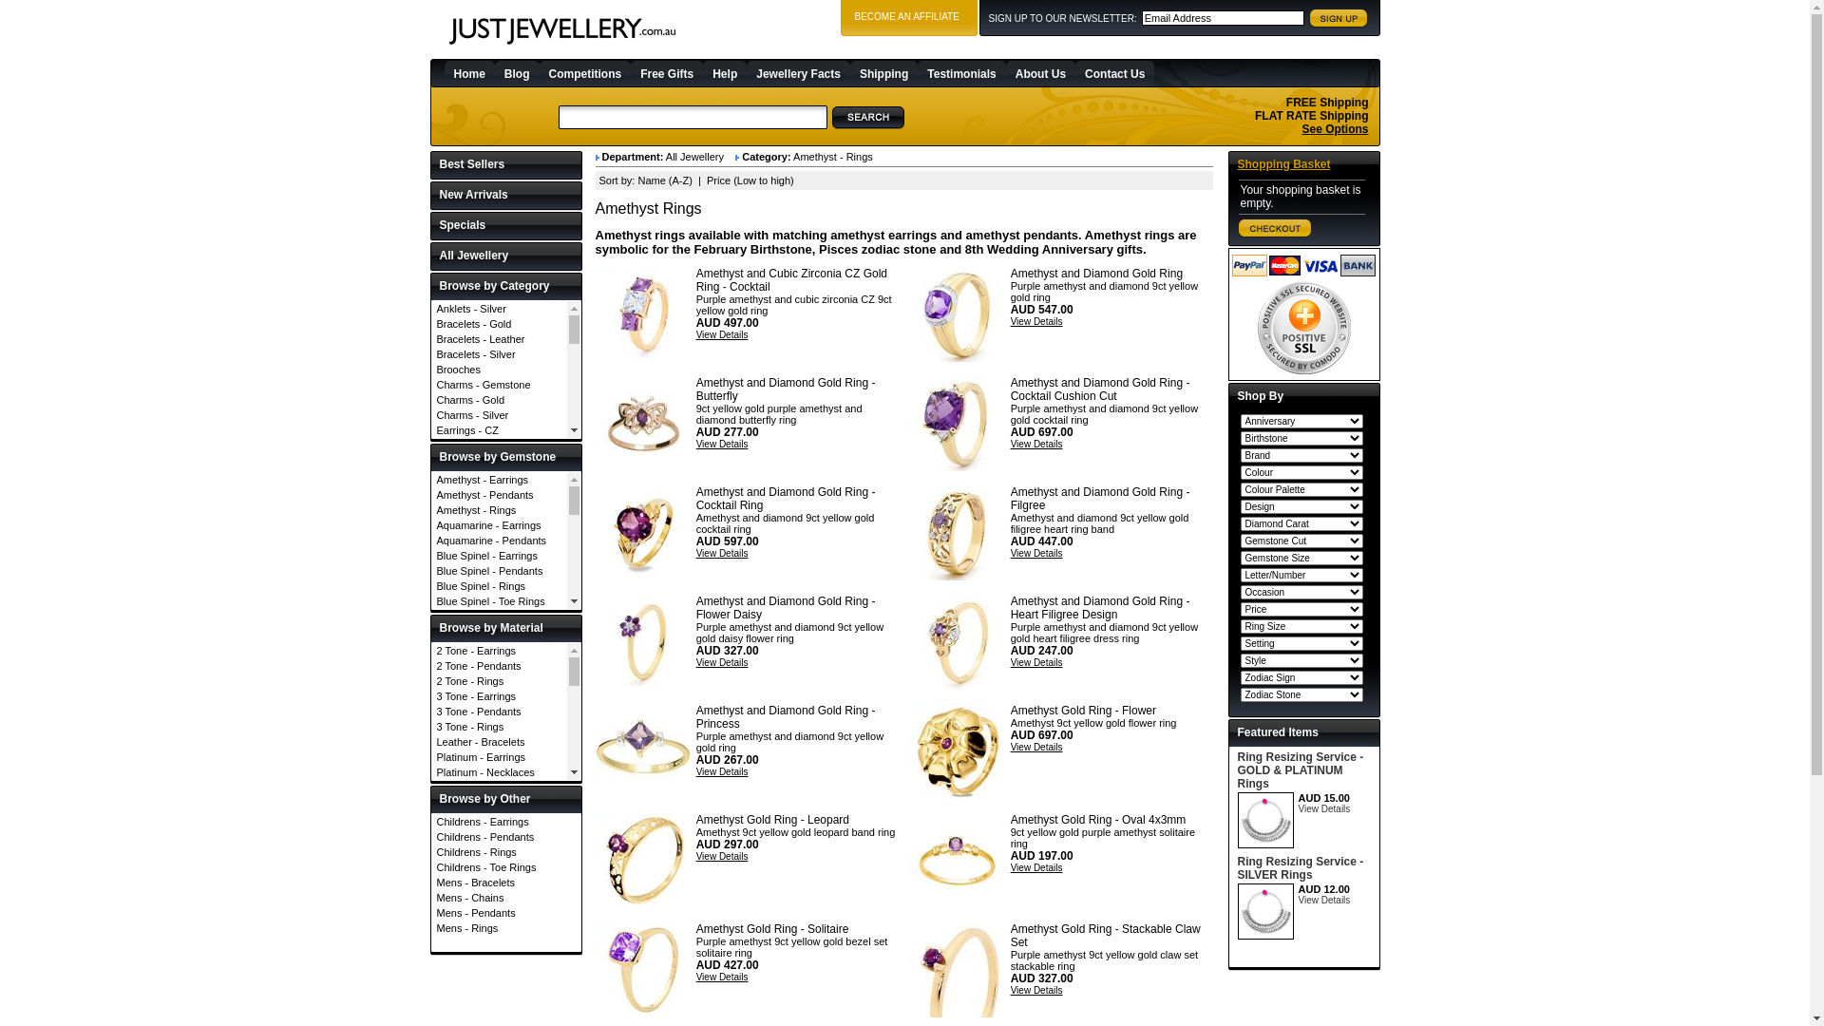  I want to click on 'Pendants - Diamond', so click(499, 642).